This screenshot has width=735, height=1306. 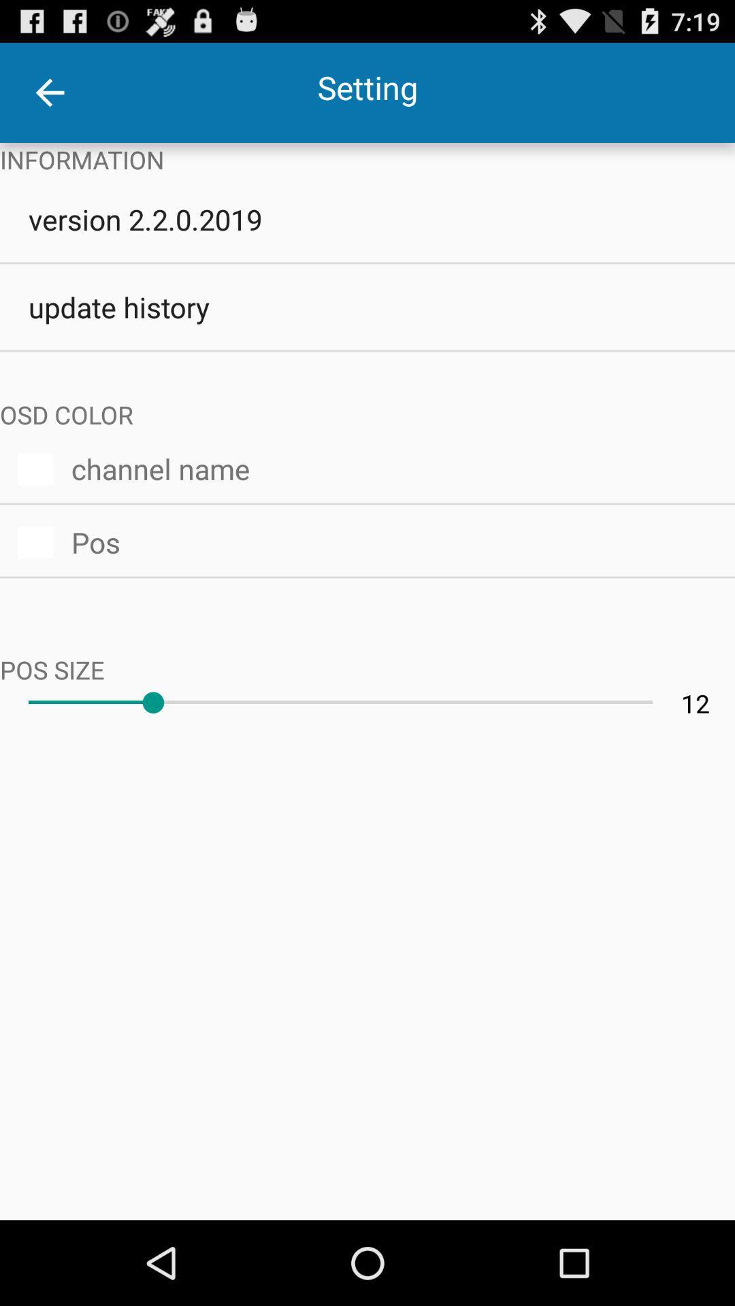 What do you see at coordinates (367, 219) in the screenshot?
I see `the version 2 2 icon` at bounding box center [367, 219].